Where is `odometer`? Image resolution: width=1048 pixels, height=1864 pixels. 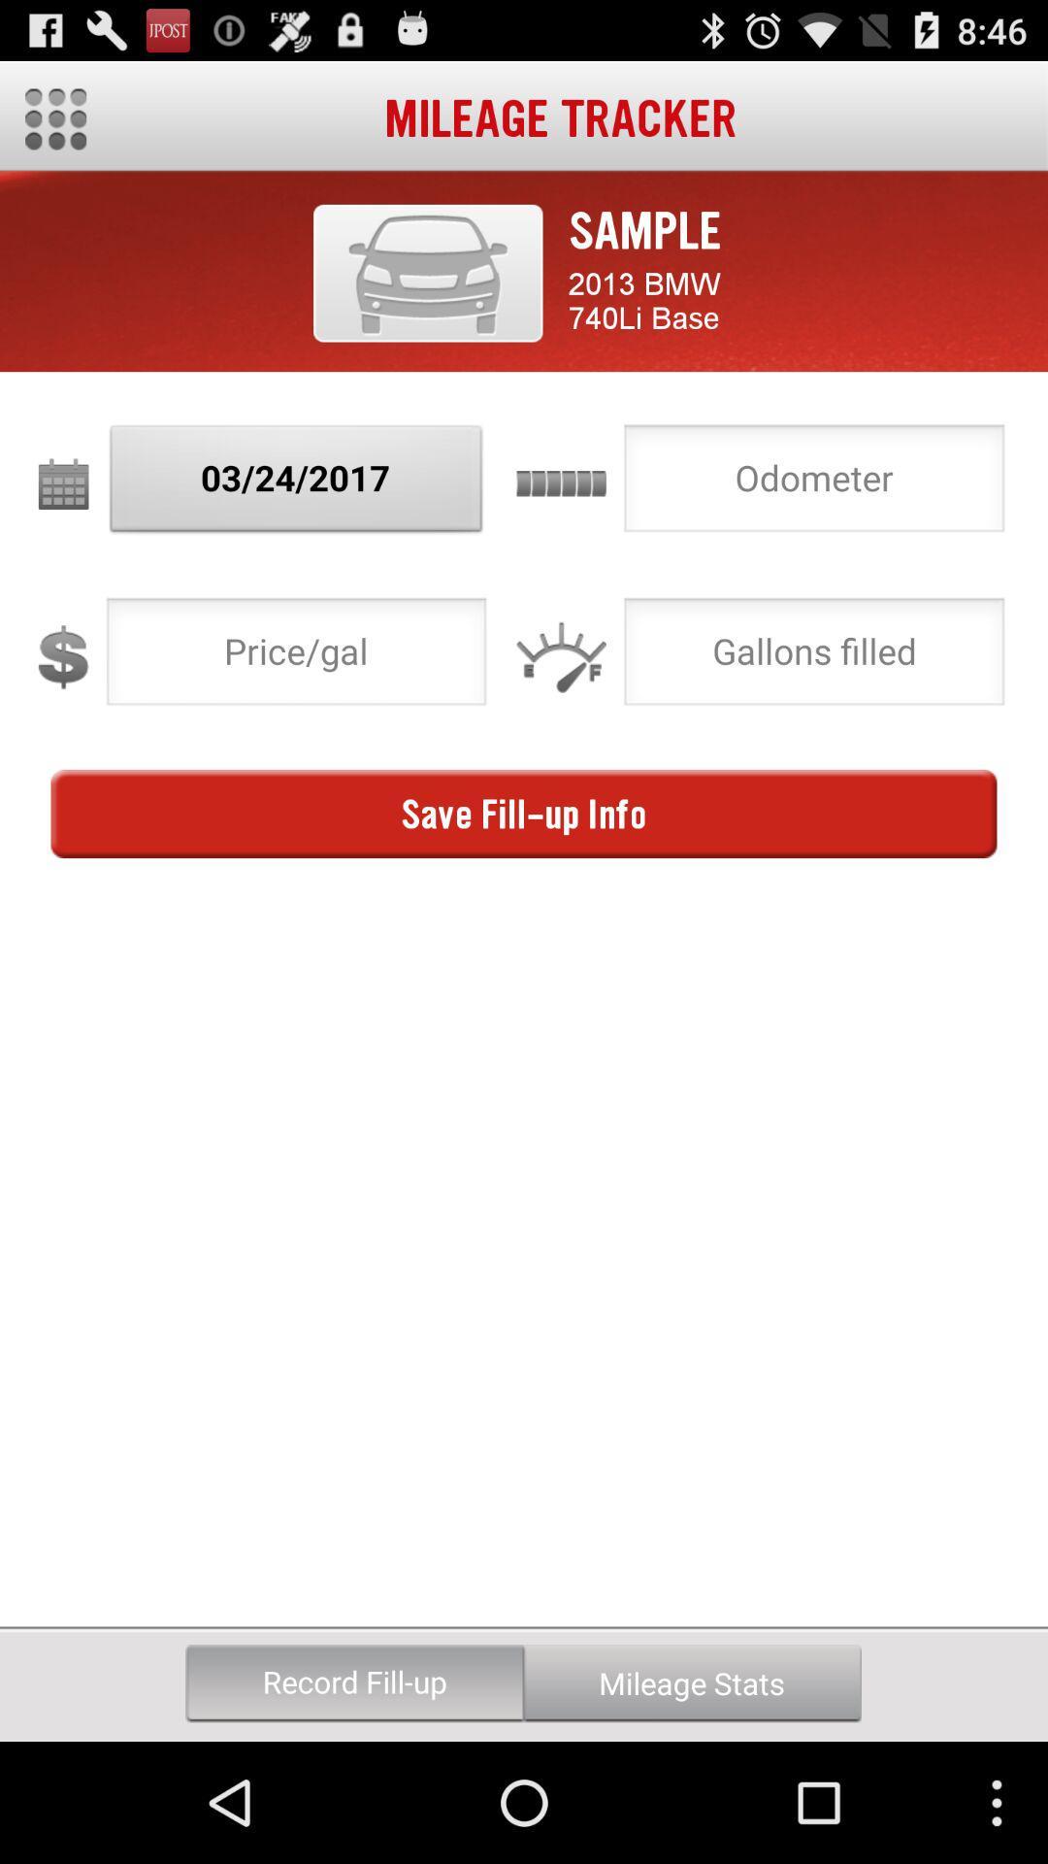 odometer is located at coordinates (814, 483).